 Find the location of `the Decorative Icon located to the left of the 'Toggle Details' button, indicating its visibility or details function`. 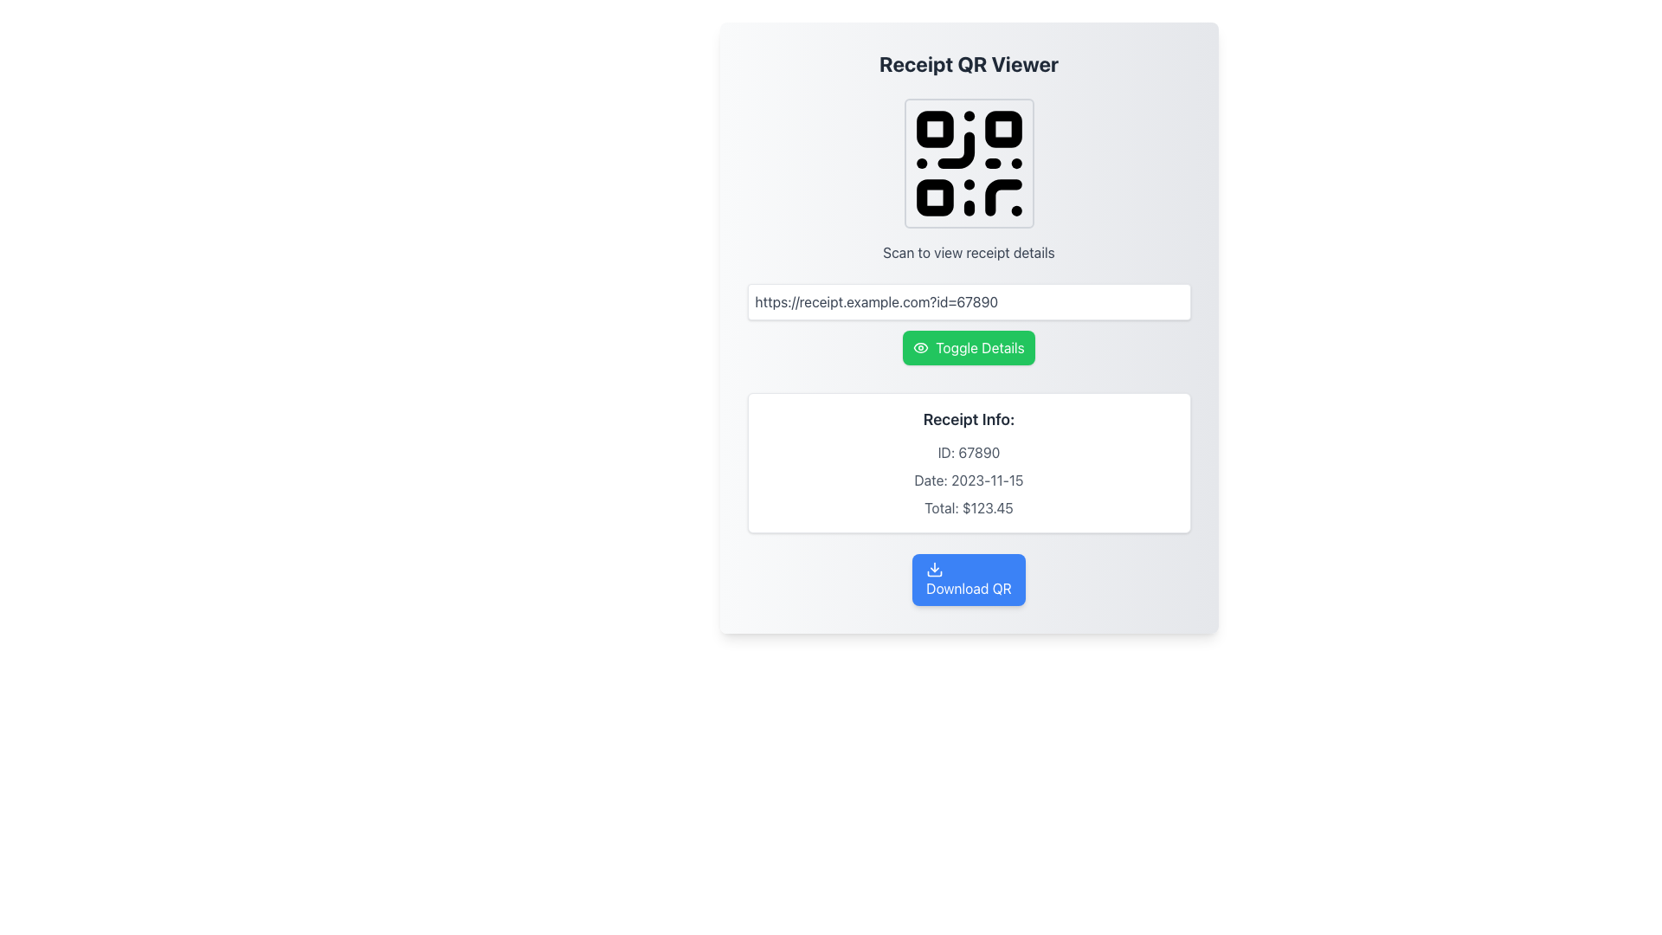

the Decorative Icon located to the left of the 'Toggle Details' button, indicating its visibility or details function is located at coordinates (920, 347).